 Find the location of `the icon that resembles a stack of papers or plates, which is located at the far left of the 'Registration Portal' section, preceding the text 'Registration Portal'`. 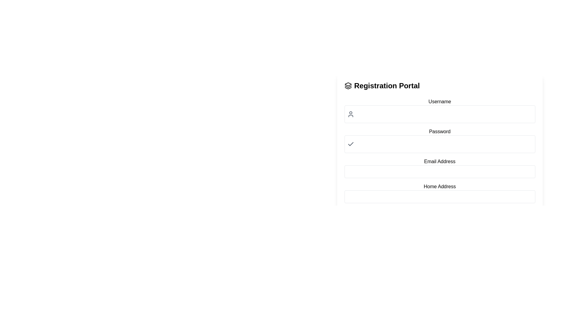

the icon that resembles a stack of papers or plates, which is located at the far left of the 'Registration Portal' section, preceding the text 'Registration Portal' is located at coordinates (348, 86).